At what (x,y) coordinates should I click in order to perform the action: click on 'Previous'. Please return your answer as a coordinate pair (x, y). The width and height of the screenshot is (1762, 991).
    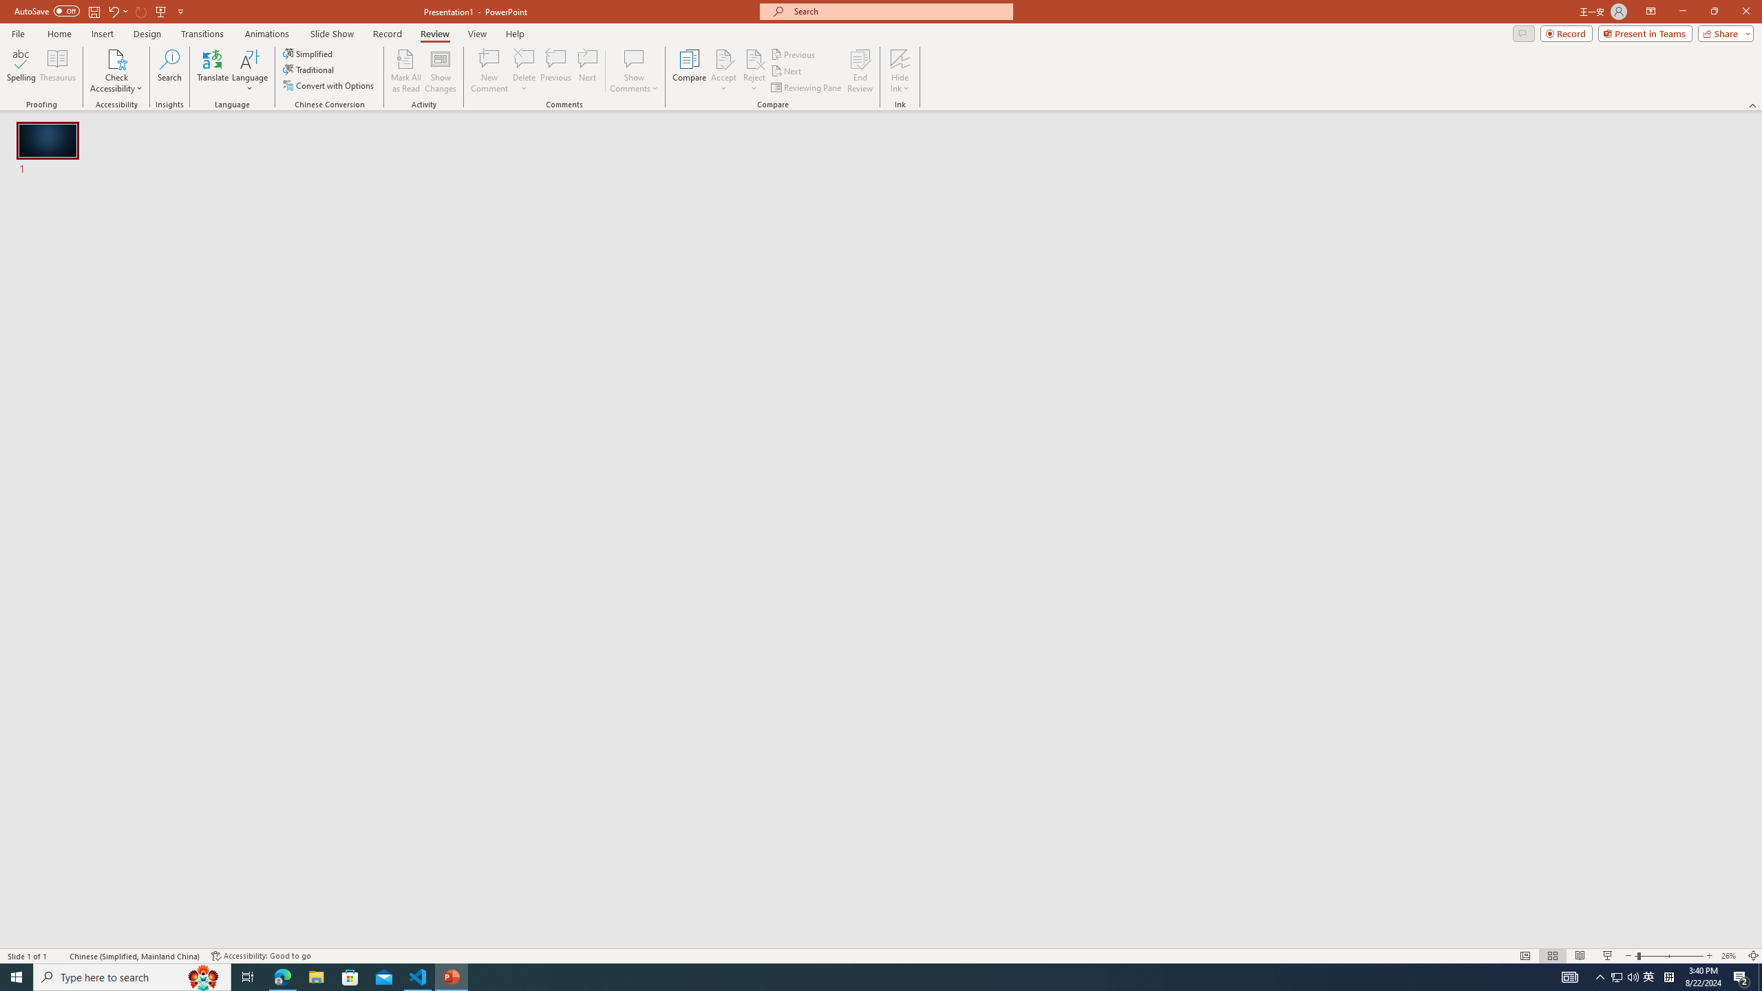
    Looking at the image, I should click on (794, 54).